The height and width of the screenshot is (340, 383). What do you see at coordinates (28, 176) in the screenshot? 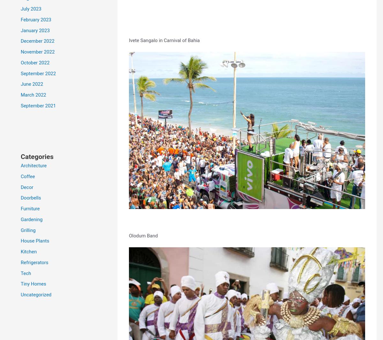
I see `'Coffee'` at bounding box center [28, 176].